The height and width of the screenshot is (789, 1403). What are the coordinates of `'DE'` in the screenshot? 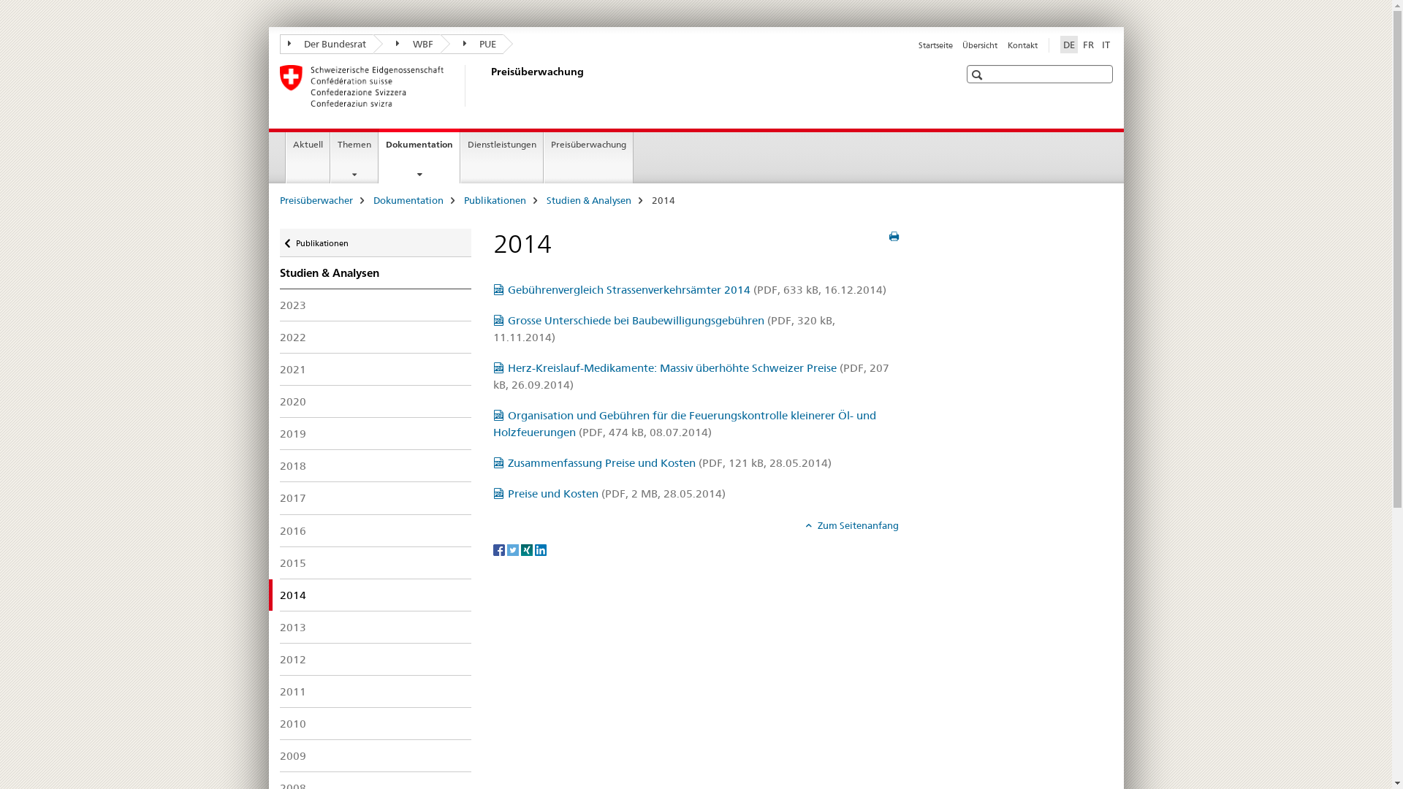 It's located at (1059, 44).